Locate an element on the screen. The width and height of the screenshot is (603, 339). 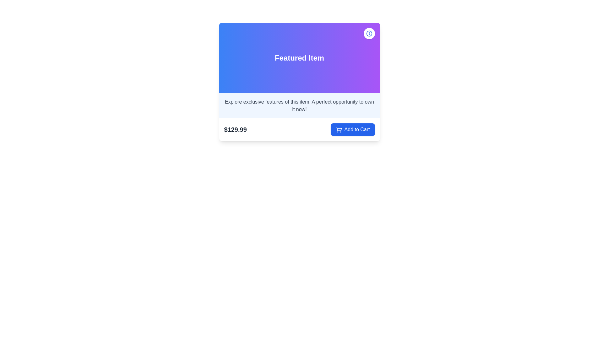
the price displayed in the text label element showing '$129.99' is located at coordinates (235, 129).